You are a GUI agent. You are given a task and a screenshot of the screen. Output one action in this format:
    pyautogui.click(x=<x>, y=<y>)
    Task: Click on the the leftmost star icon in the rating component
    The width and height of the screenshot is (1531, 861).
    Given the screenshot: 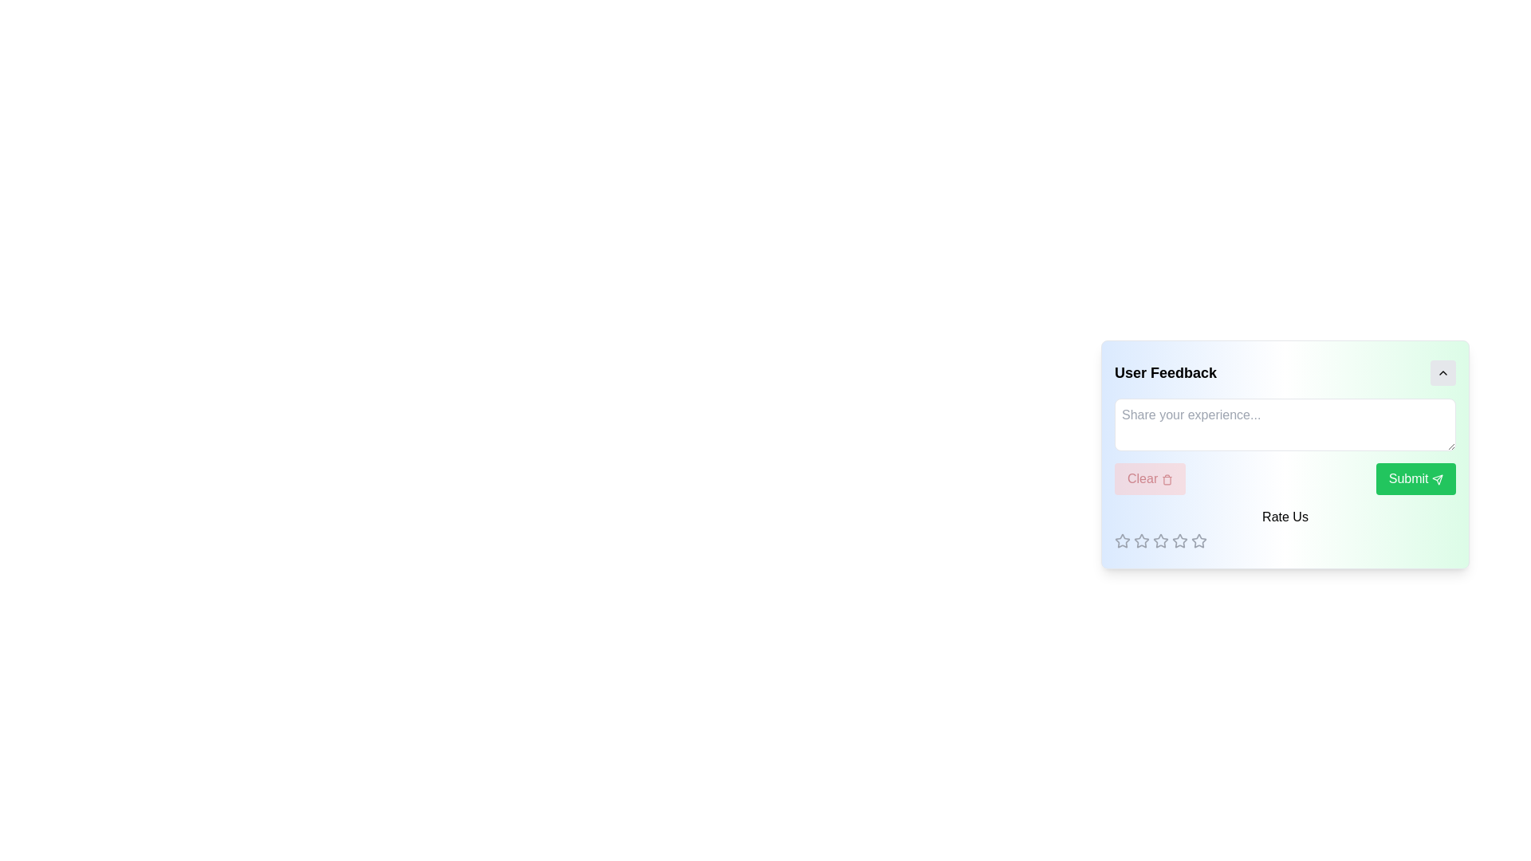 What is the action you would take?
    pyautogui.click(x=1120, y=540)
    